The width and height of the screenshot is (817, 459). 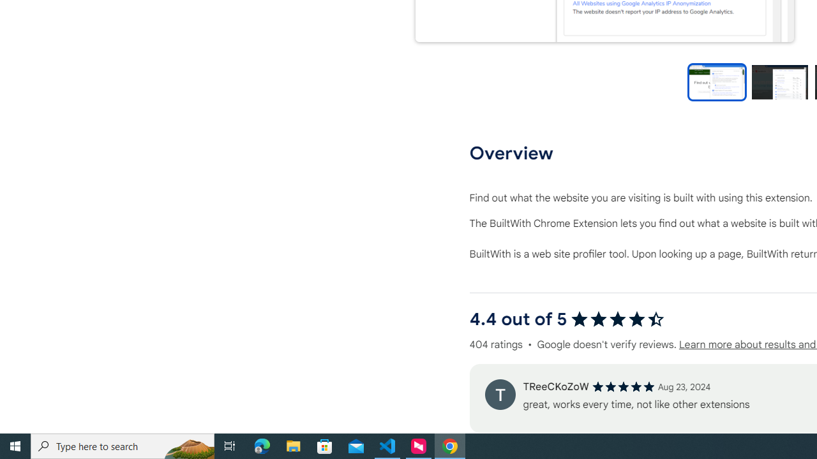 I want to click on '4.4 out of 5 stars', so click(x=617, y=318).